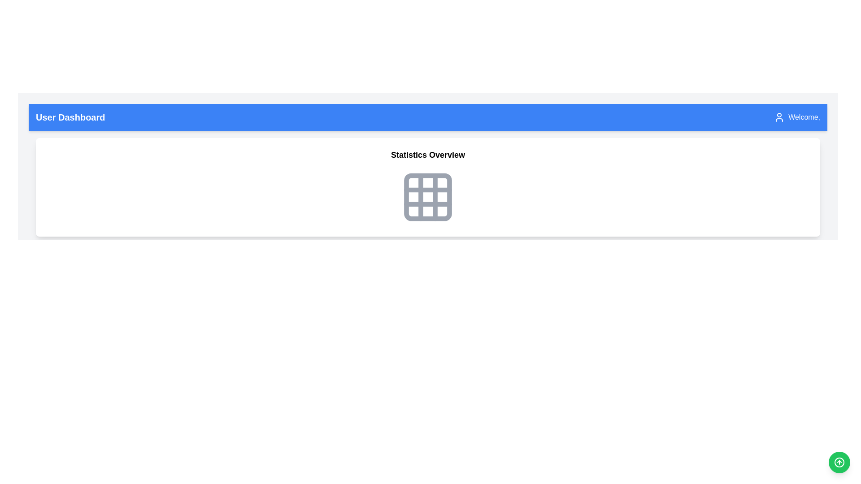 The image size is (861, 484). What do you see at coordinates (839, 462) in the screenshot?
I see `the upward arrow icon, which is a circle within a circular button located in the bottom-right corner of the interface` at bounding box center [839, 462].